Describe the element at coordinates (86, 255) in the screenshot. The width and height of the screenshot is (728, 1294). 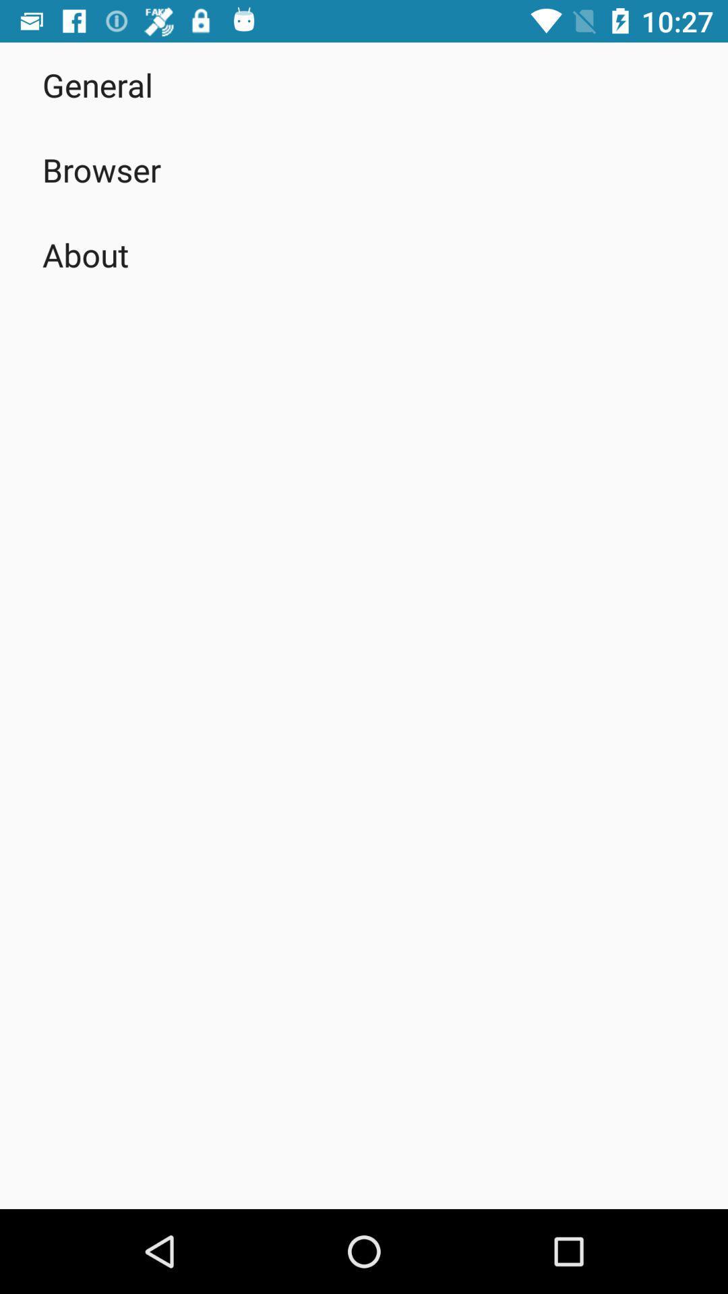
I see `the about app` at that location.